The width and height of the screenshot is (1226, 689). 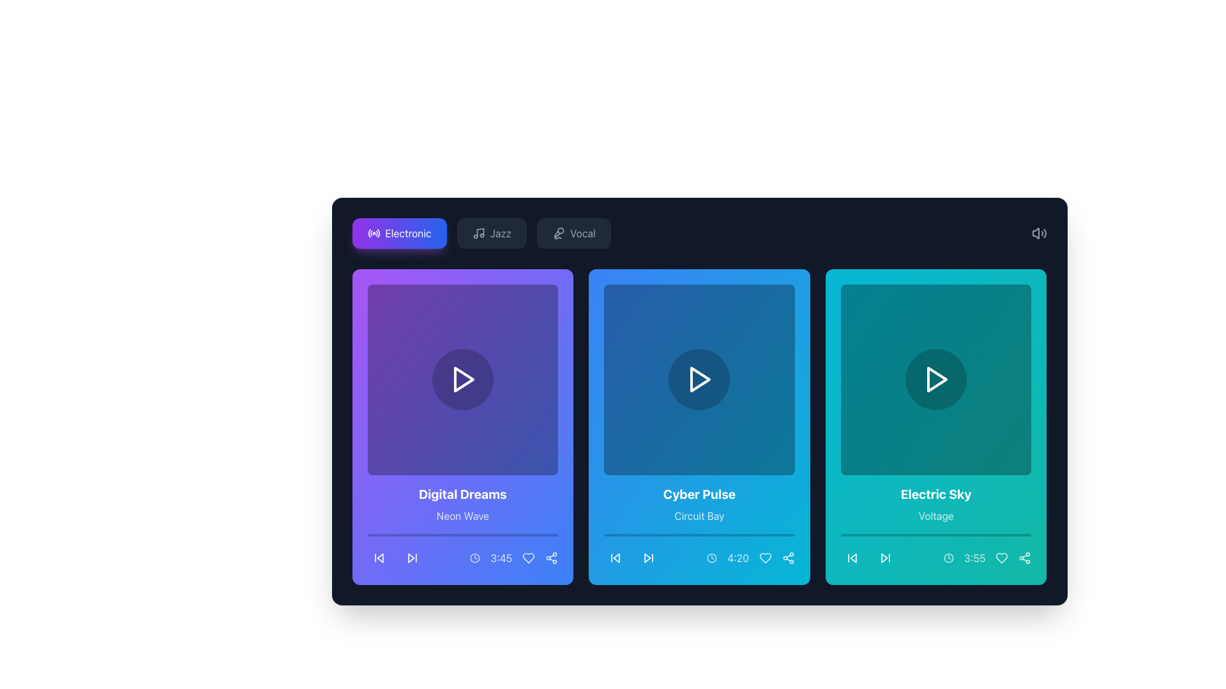 I want to click on the 'Electronic' text label inside the category button, so click(x=407, y=233).